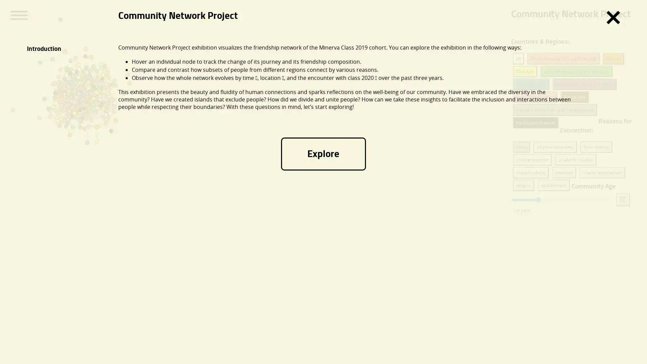  What do you see at coordinates (523, 185) in the screenshot?
I see `religion` at bounding box center [523, 185].